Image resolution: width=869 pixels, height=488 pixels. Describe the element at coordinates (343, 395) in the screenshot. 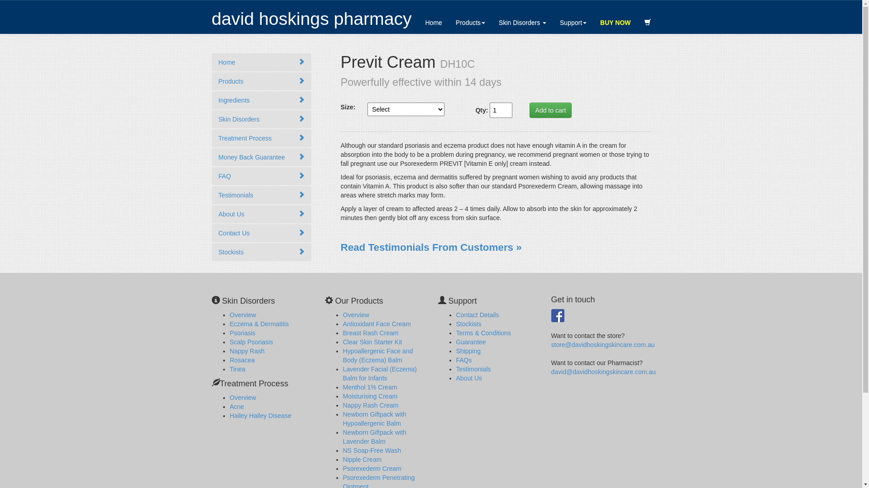

I see `'Moisturising Cream'` at that location.